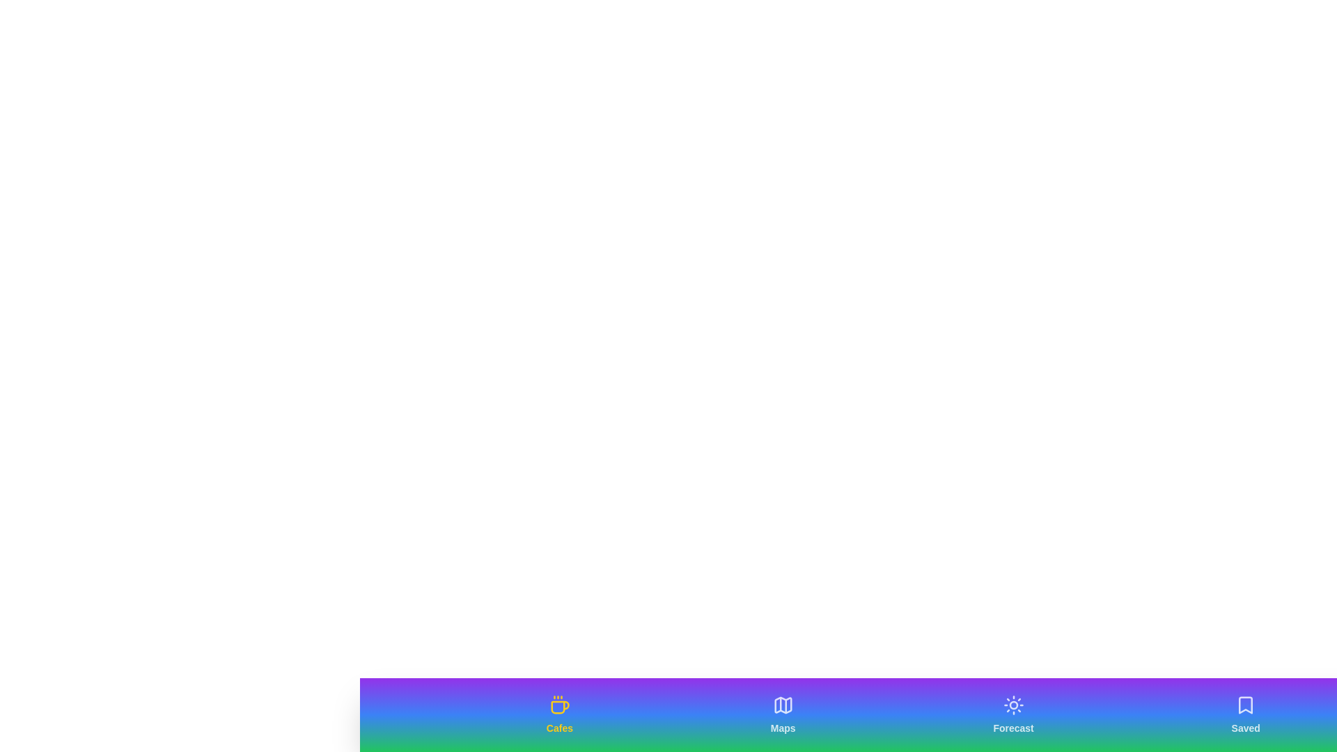 The width and height of the screenshot is (1337, 752). I want to click on the tab labeled Maps to activate it, so click(783, 714).